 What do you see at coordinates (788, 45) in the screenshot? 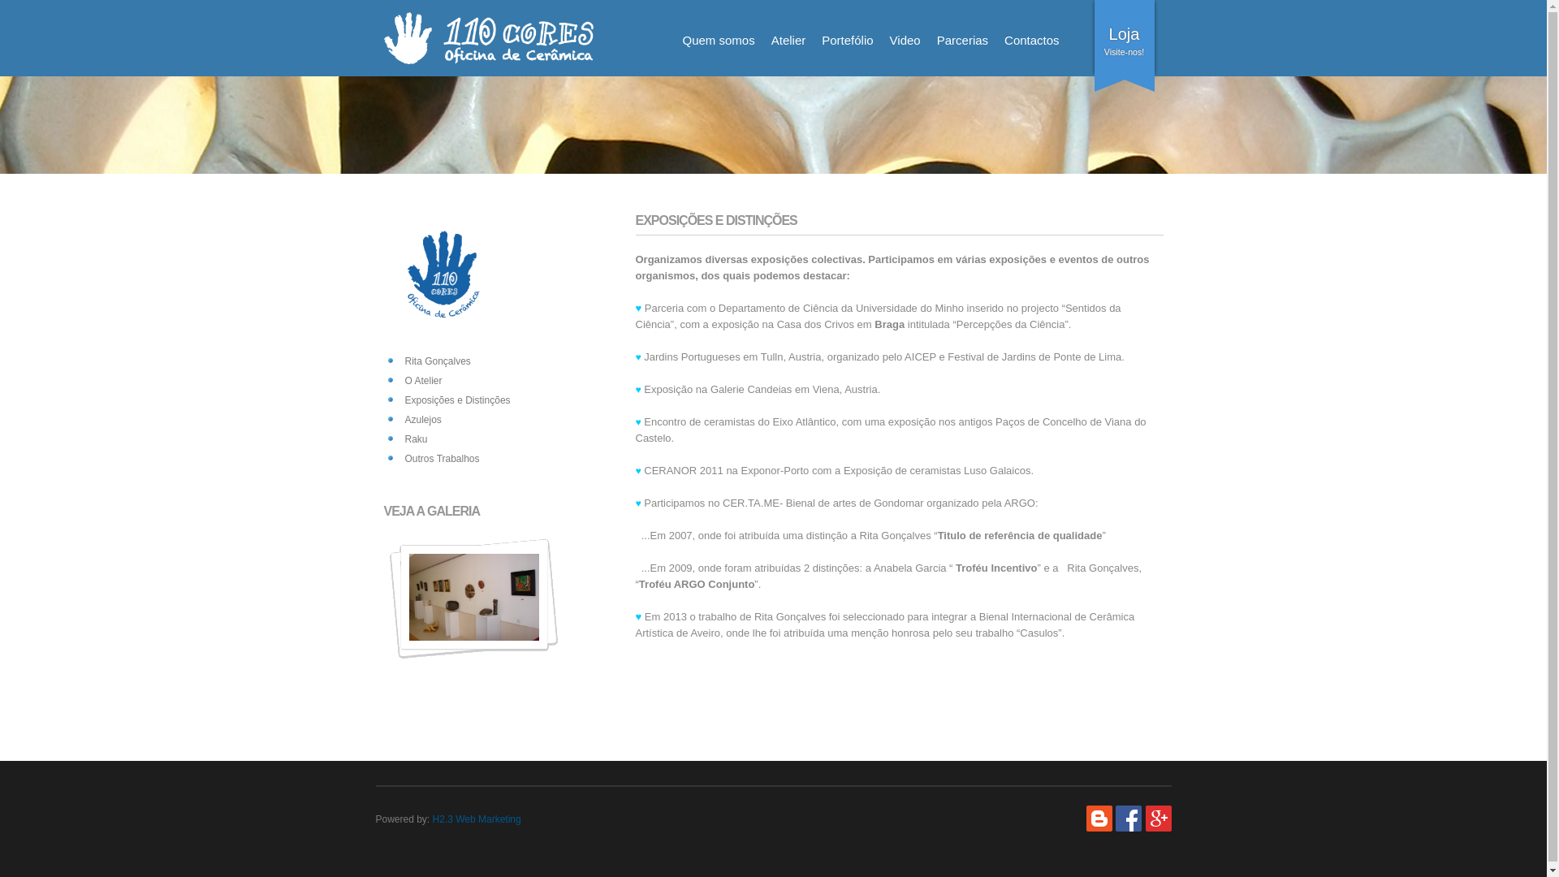
I see `'Atelier'` at bounding box center [788, 45].